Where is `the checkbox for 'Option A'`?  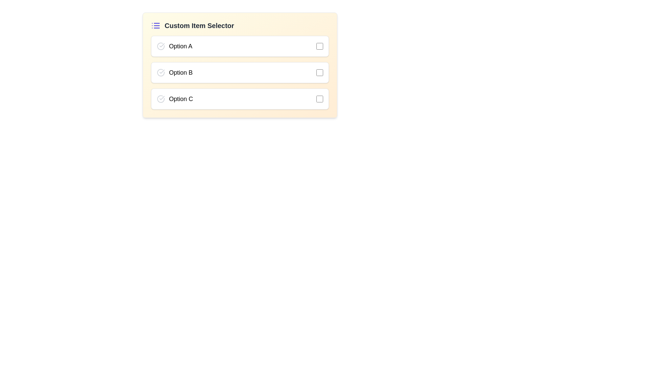 the checkbox for 'Option A' is located at coordinates (319, 46).